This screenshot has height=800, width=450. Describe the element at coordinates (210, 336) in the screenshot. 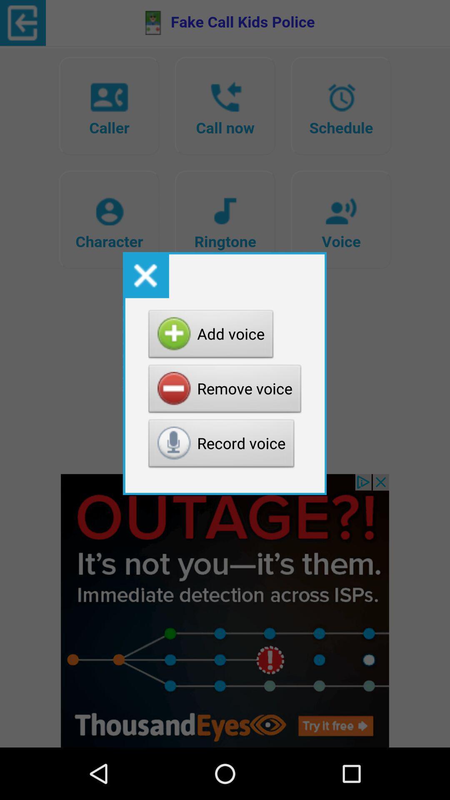

I see `item above the remove voice` at that location.